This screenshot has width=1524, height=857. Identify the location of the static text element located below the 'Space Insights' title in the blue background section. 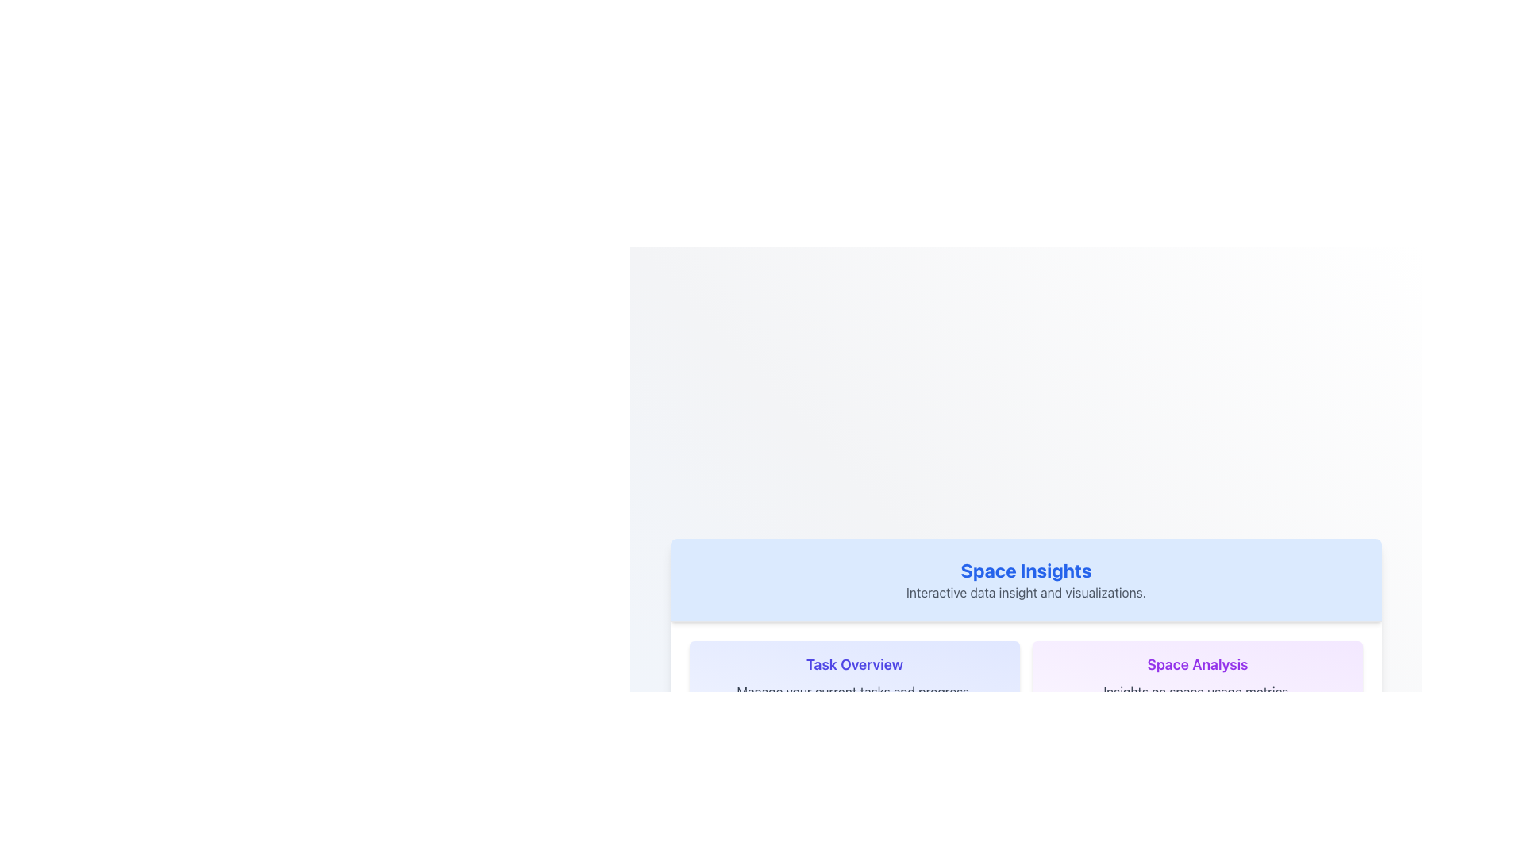
(1026, 591).